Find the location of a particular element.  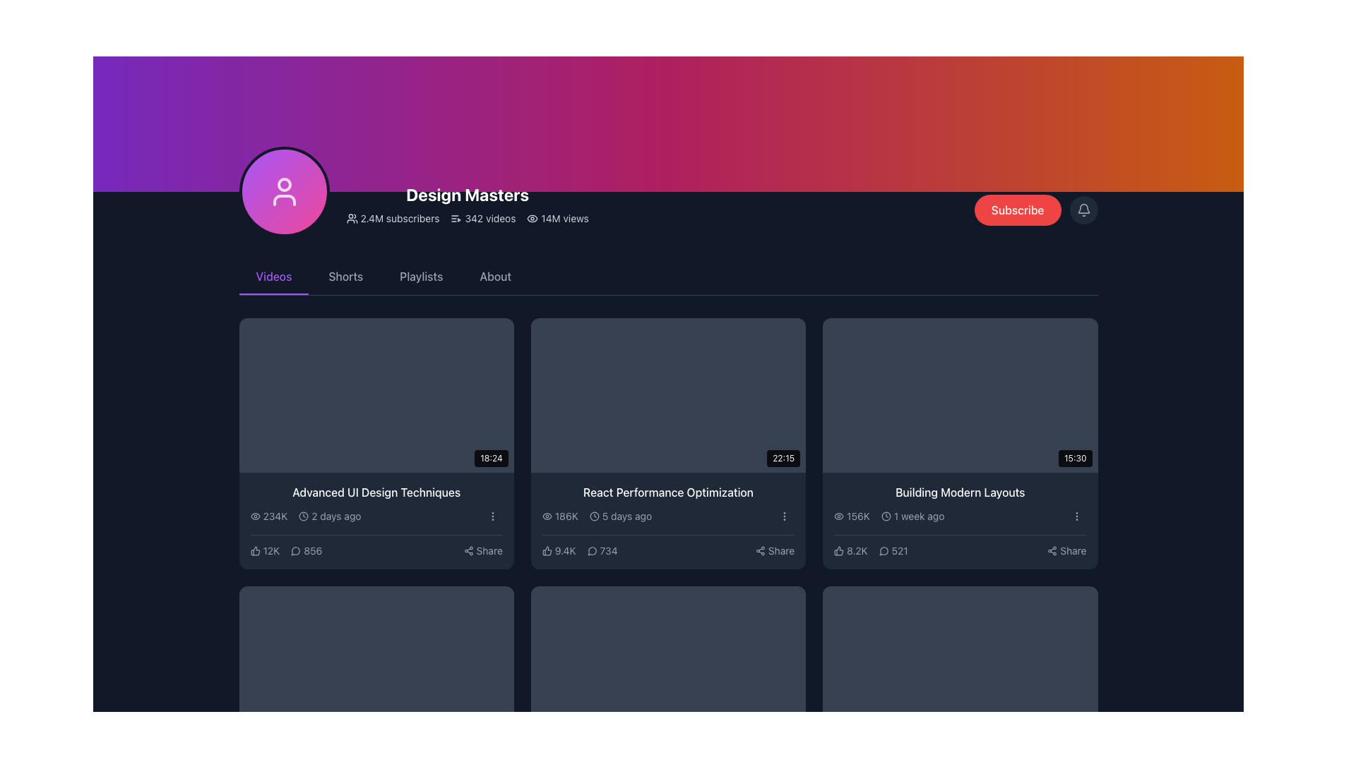

the 'Playlists' navigational link is located at coordinates (420, 277).